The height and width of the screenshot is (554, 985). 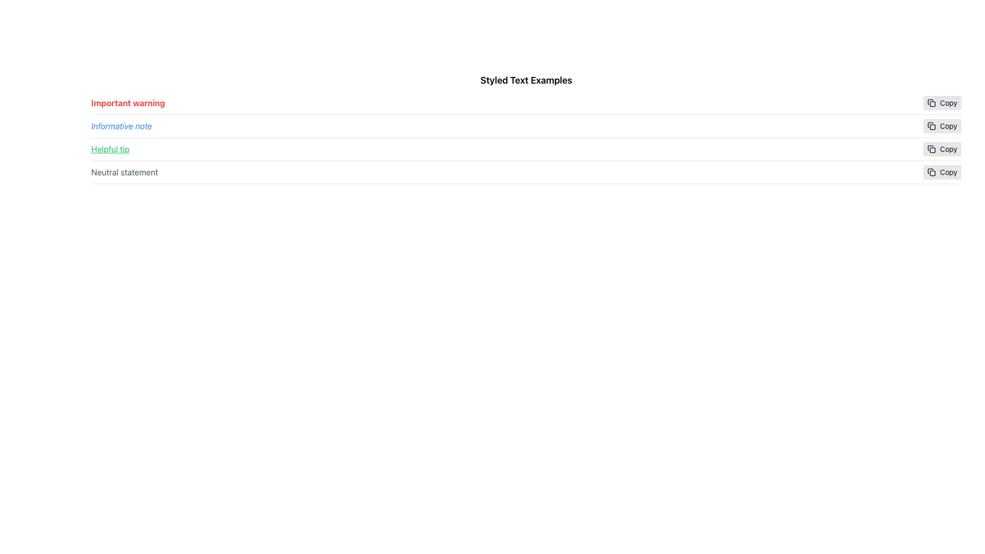 What do you see at coordinates (110, 149) in the screenshot?
I see `the 'Helpful tip' text label, which is styled in green font with an underline, located in the third row of the layout before the 'Copy' button` at bounding box center [110, 149].